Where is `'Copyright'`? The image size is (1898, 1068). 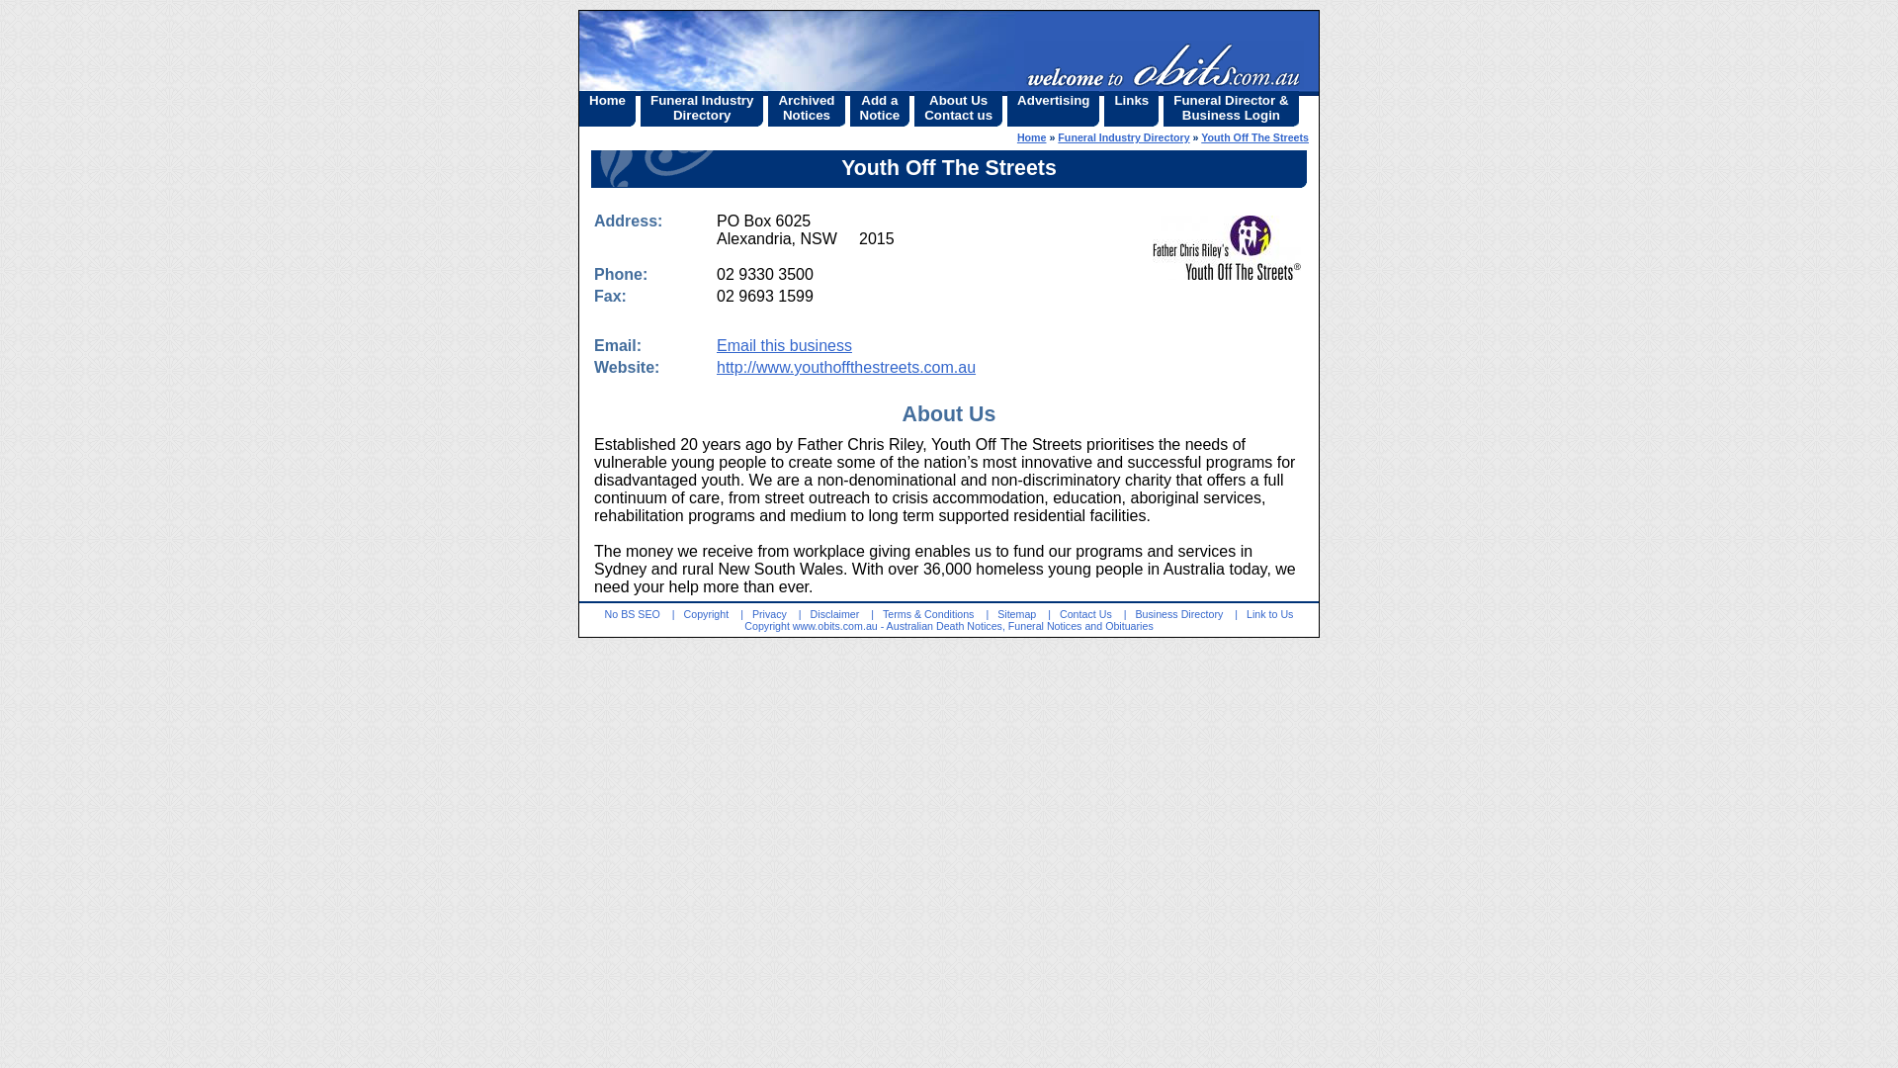 'Copyright' is located at coordinates (707, 613).